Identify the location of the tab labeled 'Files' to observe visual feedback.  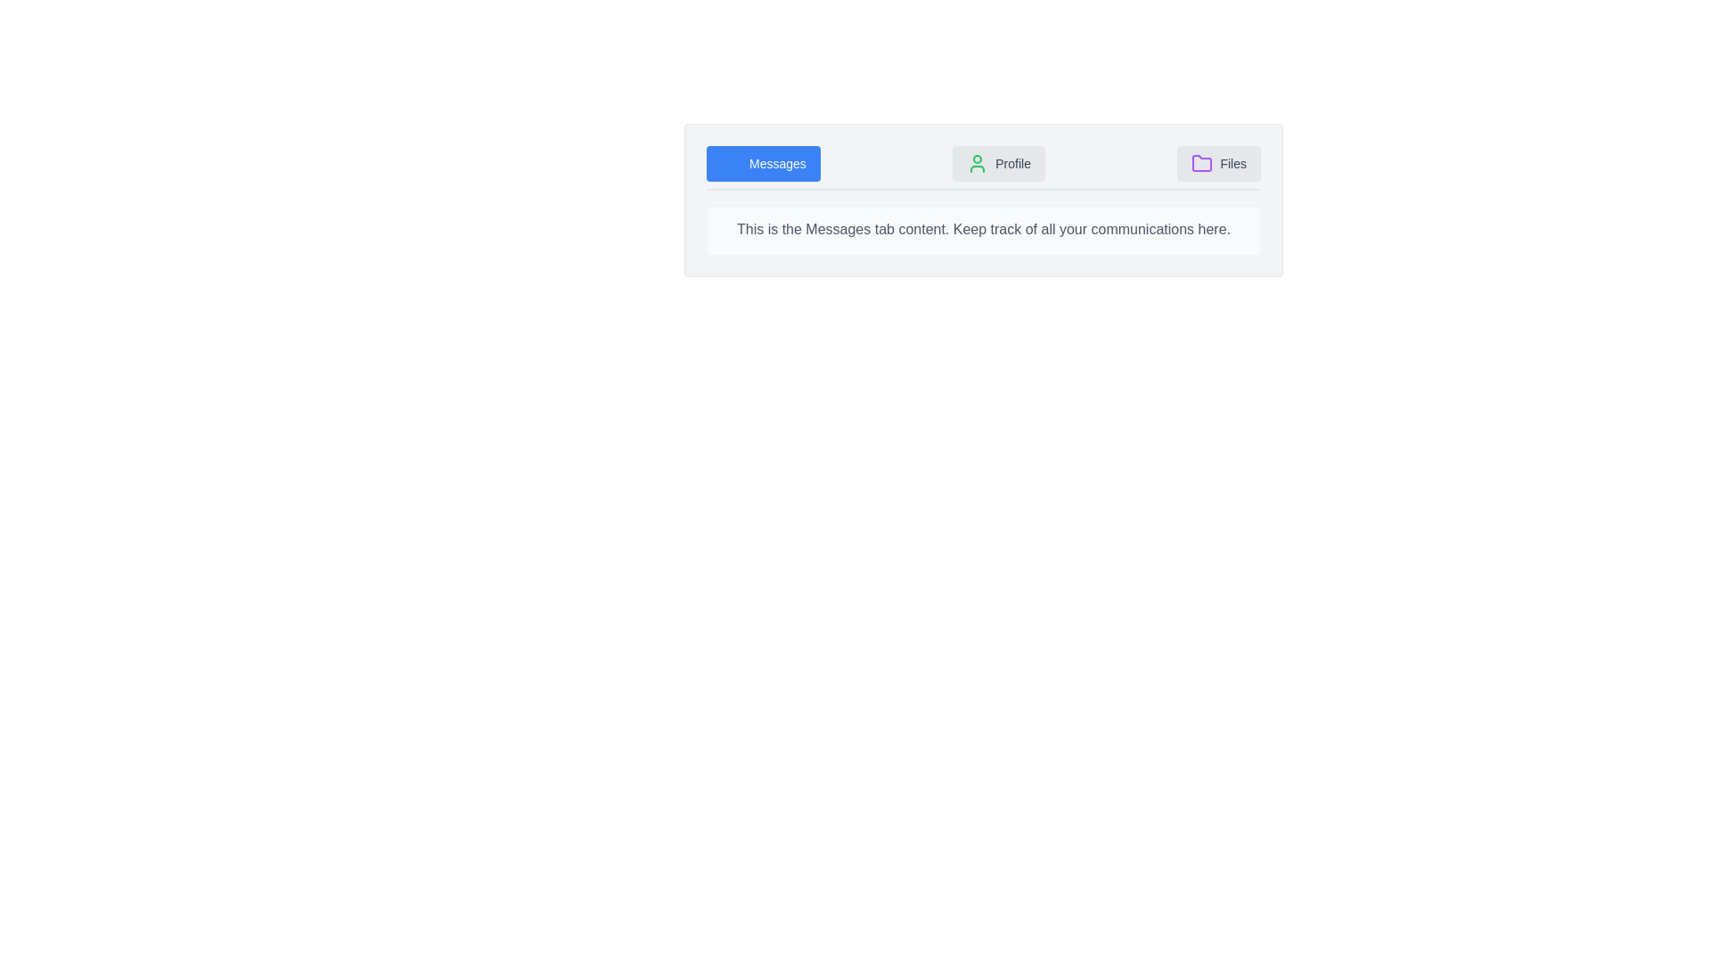
(1218, 164).